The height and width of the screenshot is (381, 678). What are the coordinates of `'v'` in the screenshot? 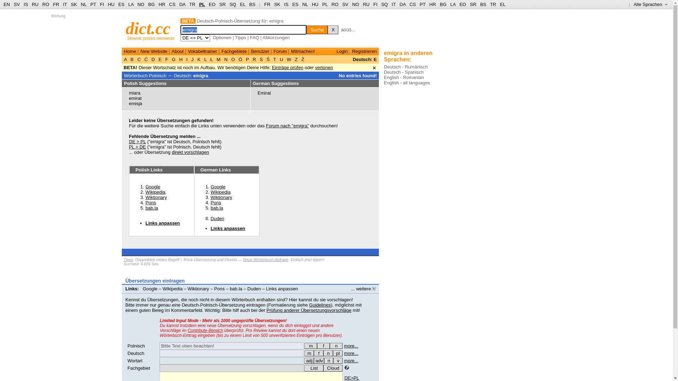 It's located at (337, 361).